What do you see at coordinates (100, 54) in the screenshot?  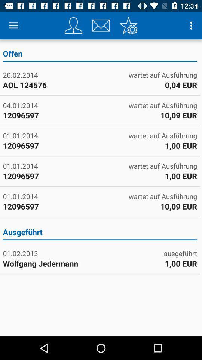 I see `offen item` at bounding box center [100, 54].